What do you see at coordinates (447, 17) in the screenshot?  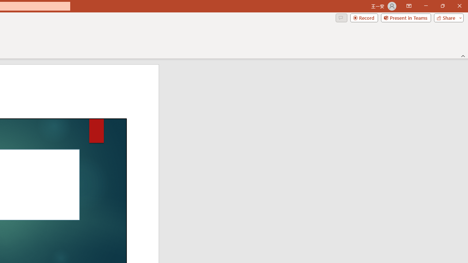 I see `'Share'` at bounding box center [447, 17].